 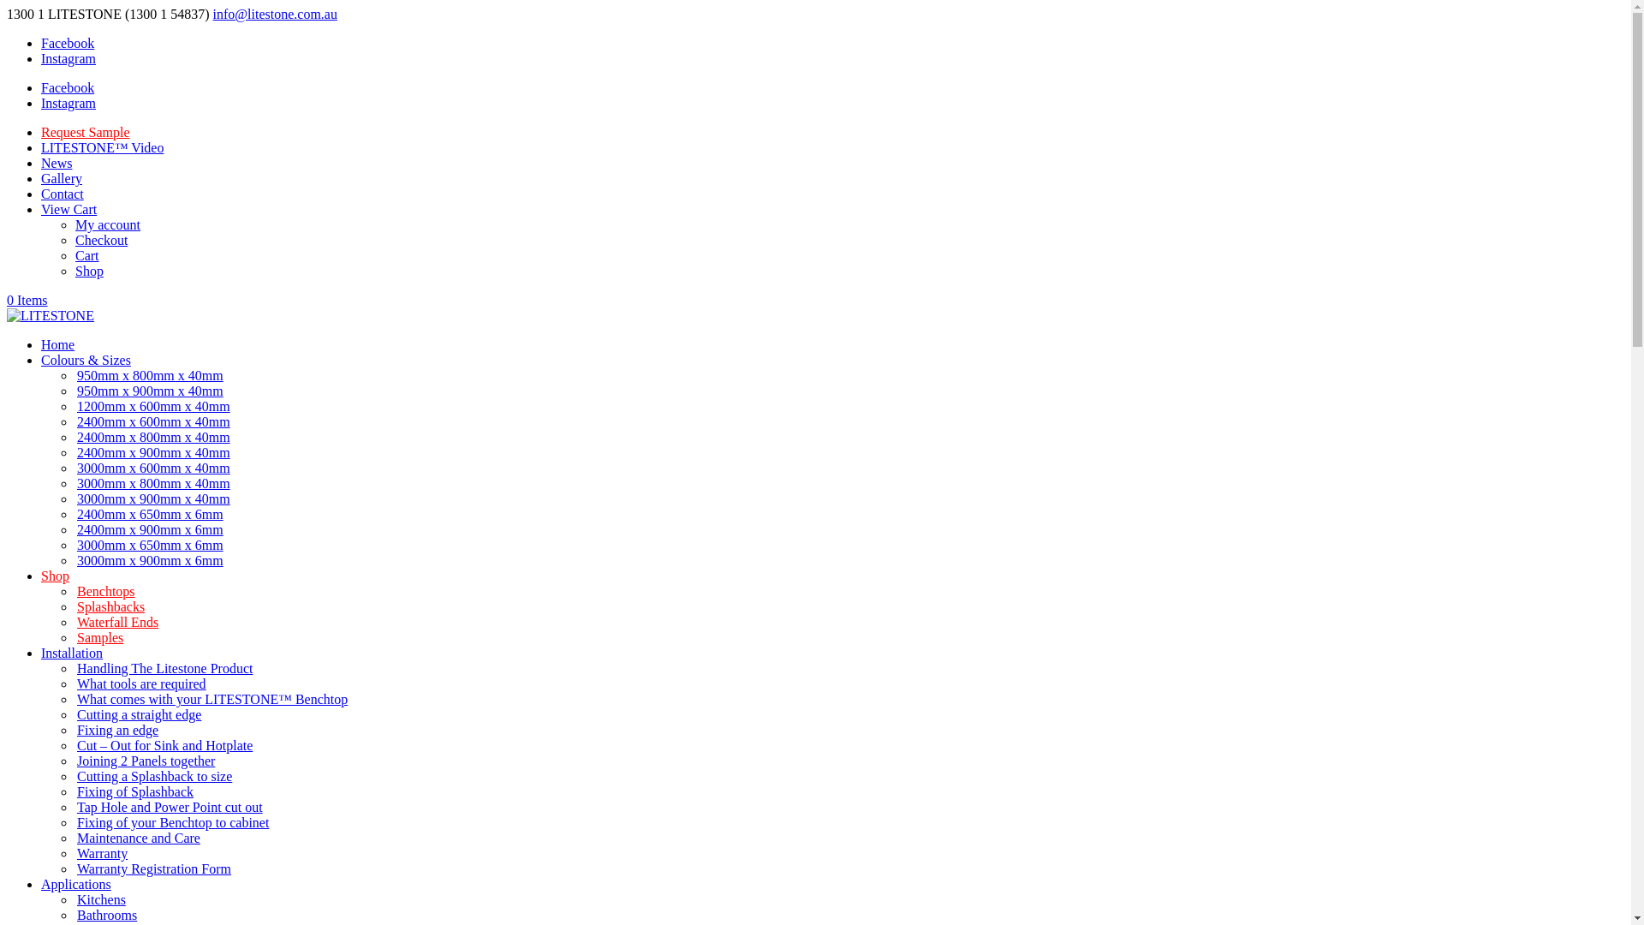 What do you see at coordinates (105, 914) in the screenshot?
I see `'Bathrooms'` at bounding box center [105, 914].